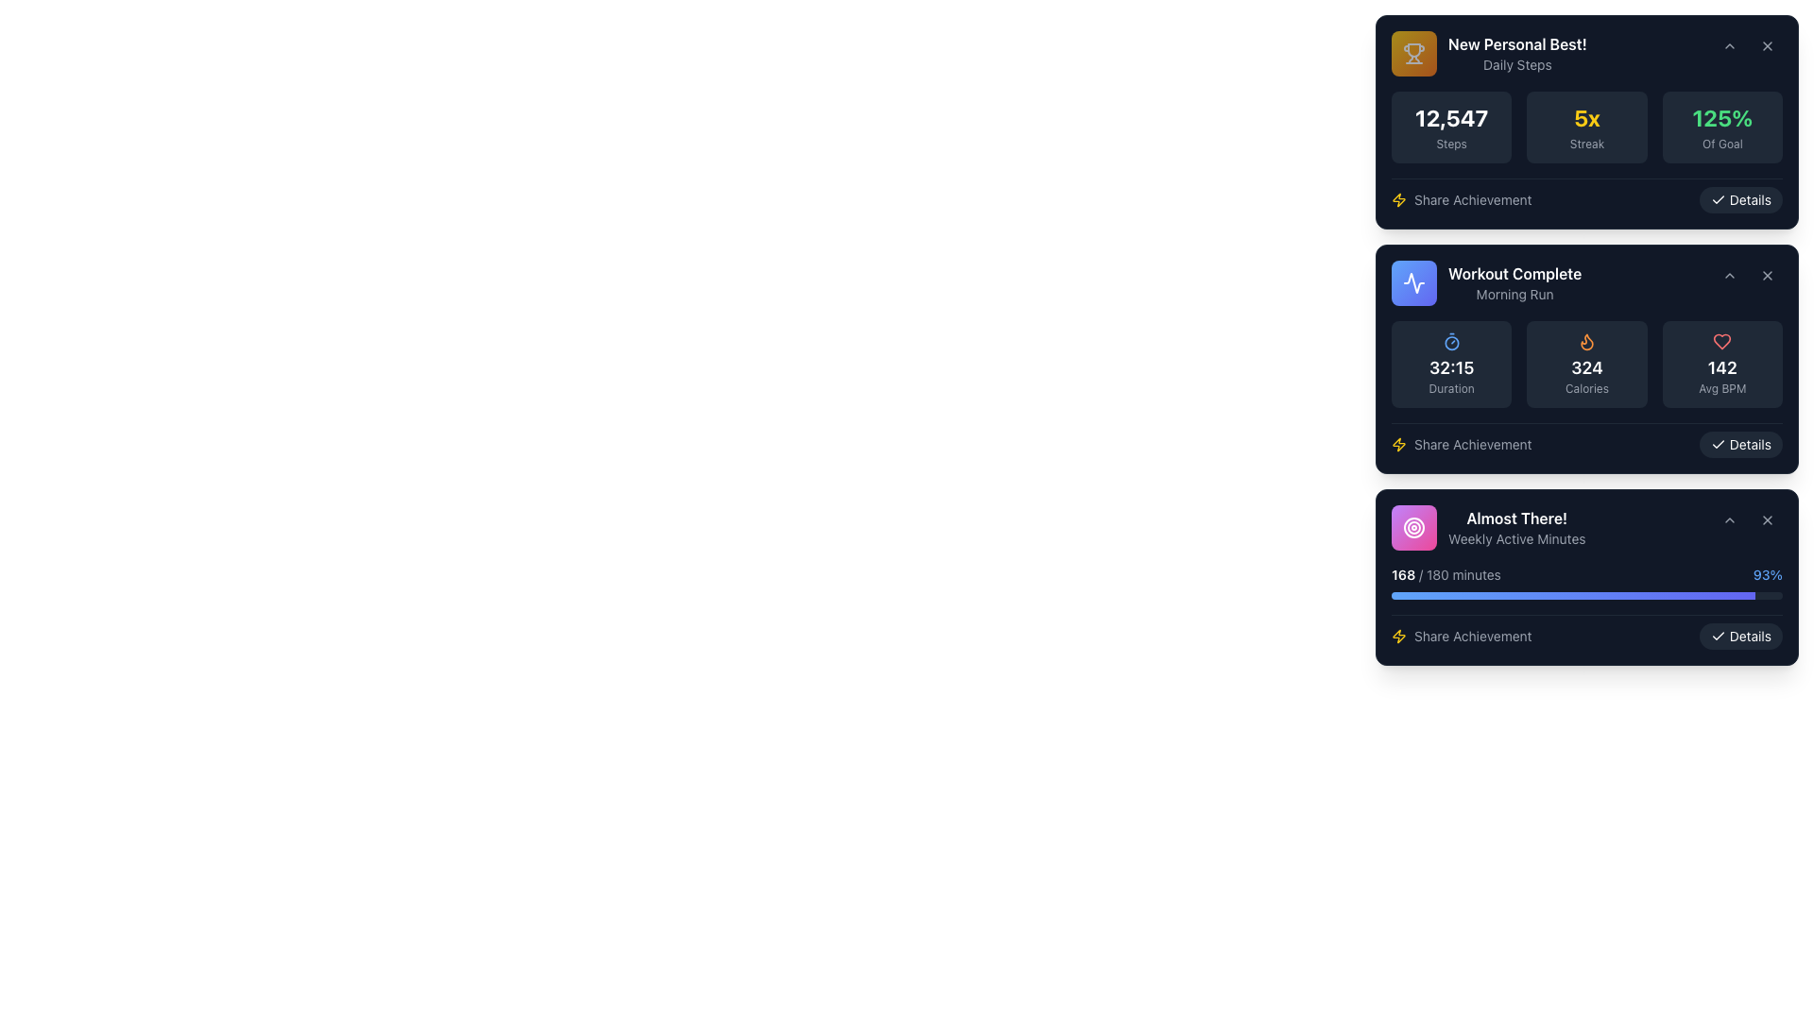  I want to click on the 'Details' button located at the bottom-right corner of the third card, so click(1739, 637).